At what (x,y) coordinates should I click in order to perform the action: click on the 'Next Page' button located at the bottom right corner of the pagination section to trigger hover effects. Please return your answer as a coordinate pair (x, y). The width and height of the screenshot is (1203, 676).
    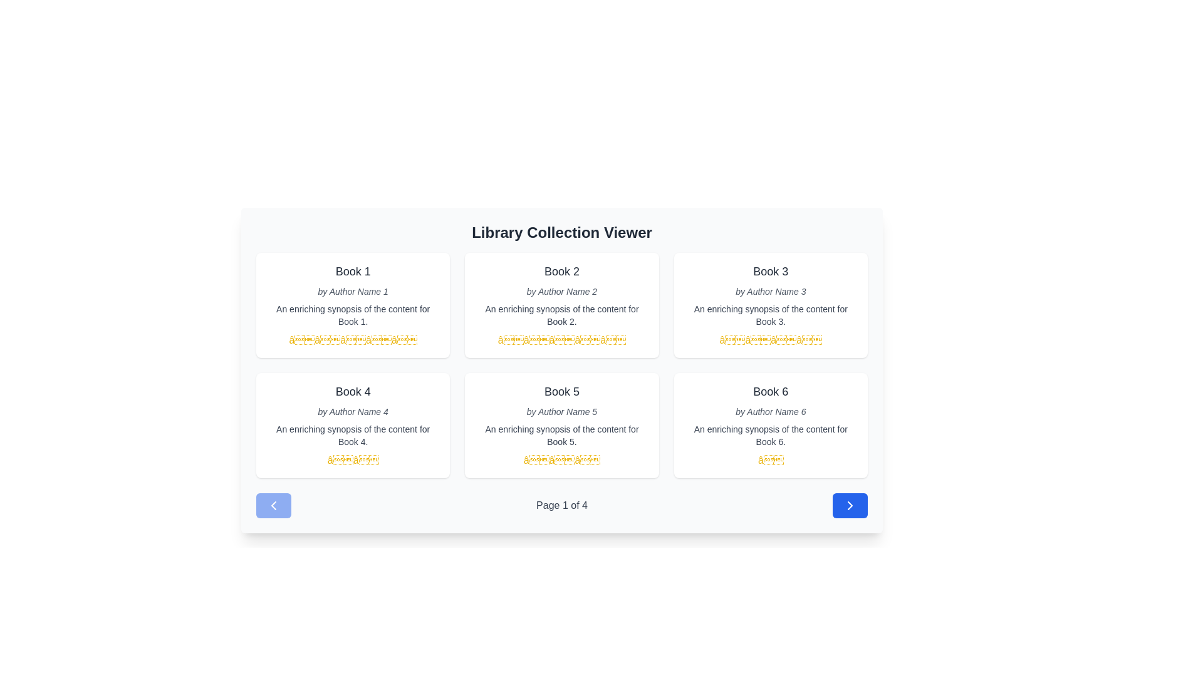
    Looking at the image, I should click on (850, 504).